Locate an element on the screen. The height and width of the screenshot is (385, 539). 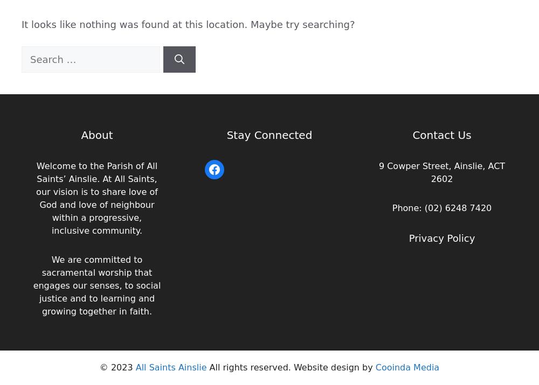
'© 2023' is located at coordinates (116, 367).